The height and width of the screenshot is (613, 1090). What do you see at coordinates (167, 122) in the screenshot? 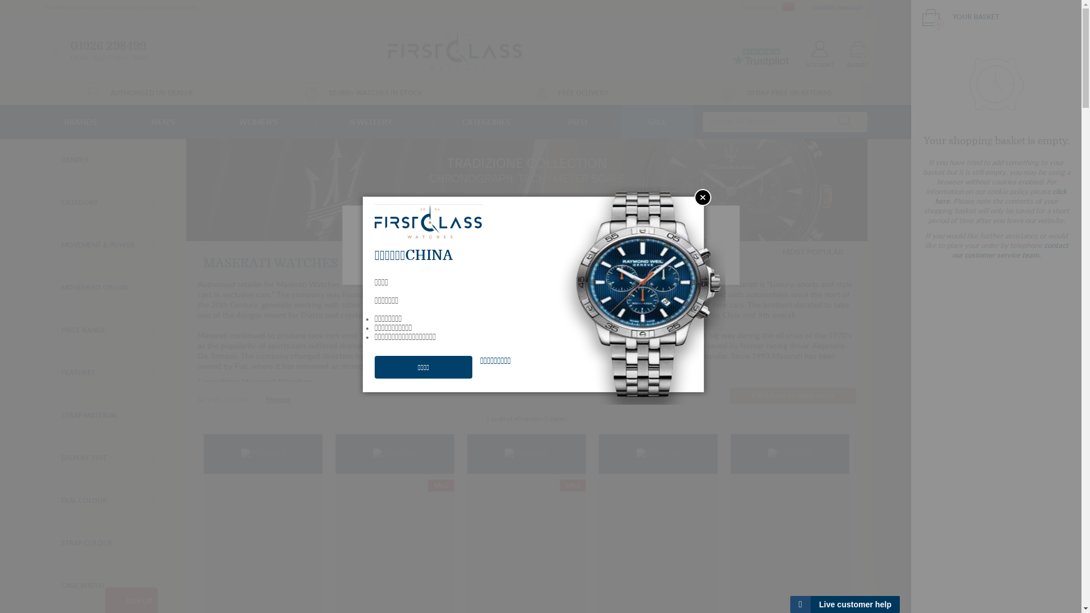
I see `'MEN'S'` at bounding box center [167, 122].